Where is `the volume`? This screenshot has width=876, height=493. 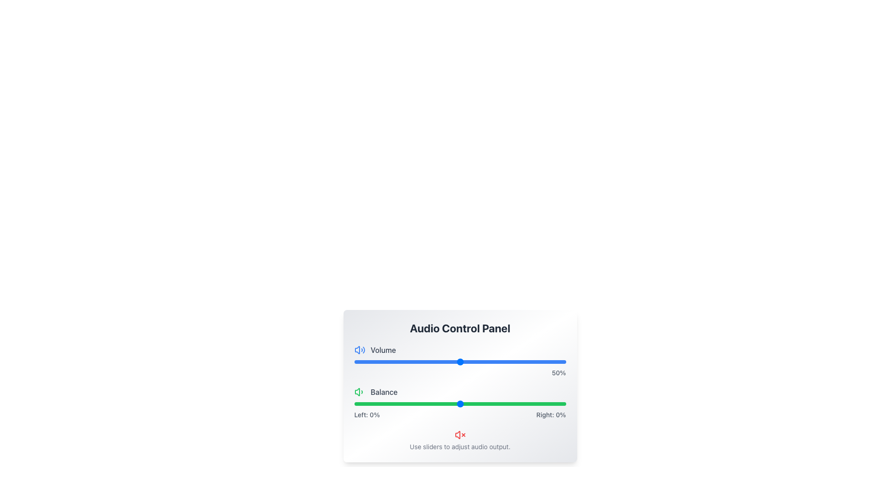 the volume is located at coordinates (445, 362).